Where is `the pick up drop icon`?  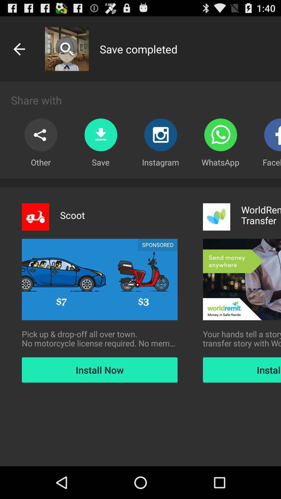
the pick up drop icon is located at coordinates (100, 339).